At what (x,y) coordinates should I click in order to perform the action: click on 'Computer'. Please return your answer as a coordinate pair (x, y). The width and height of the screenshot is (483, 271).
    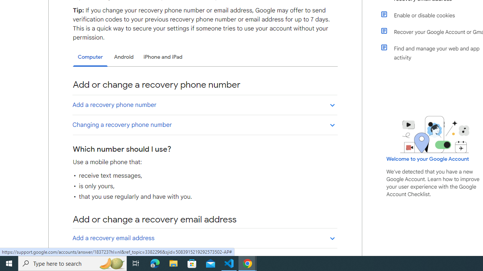
    Looking at the image, I should click on (90, 57).